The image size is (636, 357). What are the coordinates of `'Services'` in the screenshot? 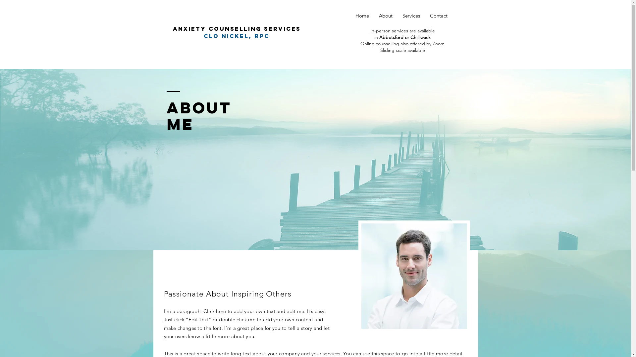 It's located at (411, 15).